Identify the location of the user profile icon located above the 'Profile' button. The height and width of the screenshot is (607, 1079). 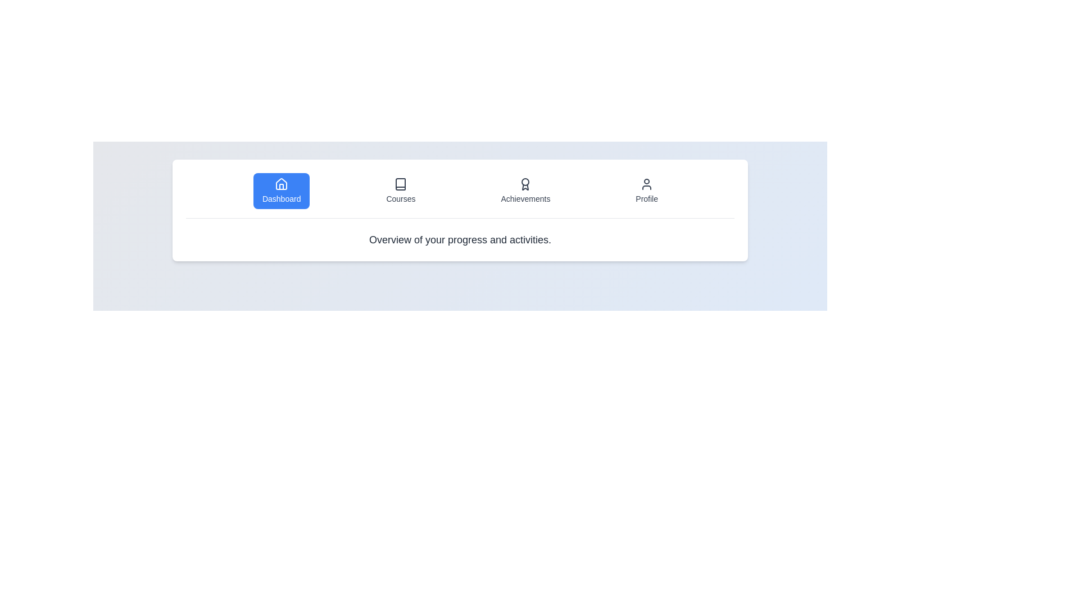
(647, 183).